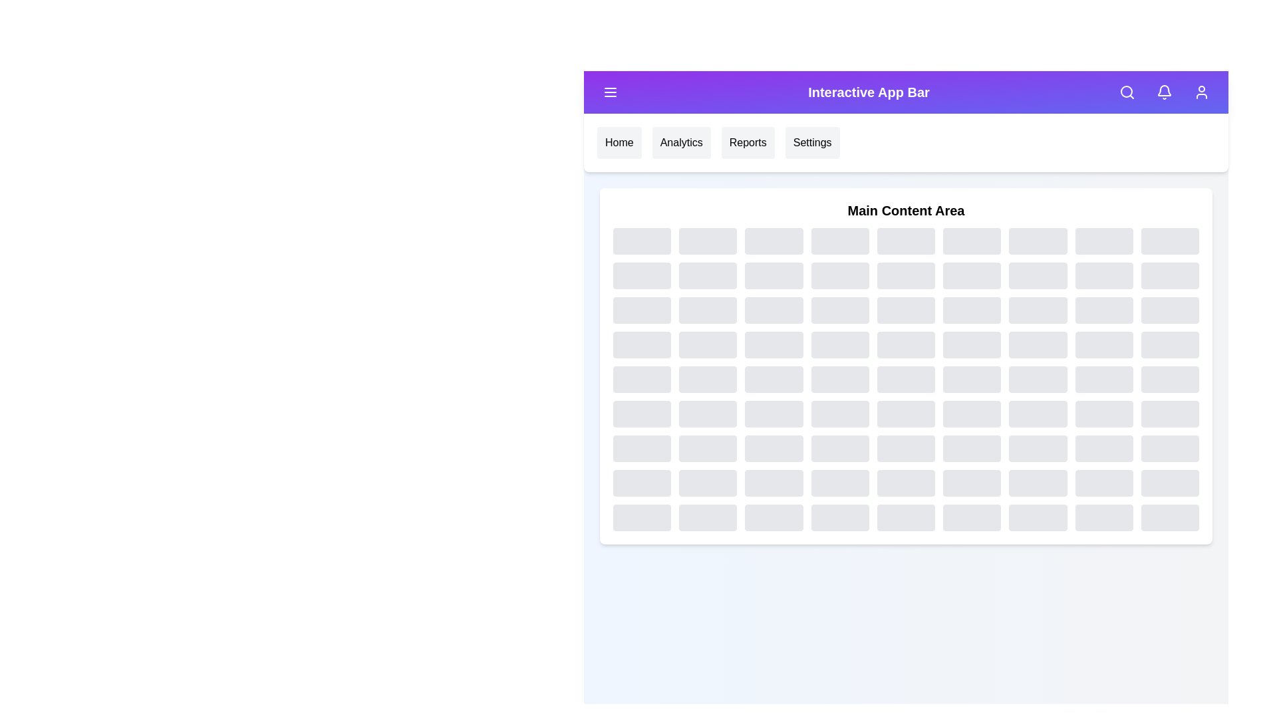  Describe the element at coordinates (748, 143) in the screenshot. I see `the menu item Reports to navigate to the corresponding section` at that location.